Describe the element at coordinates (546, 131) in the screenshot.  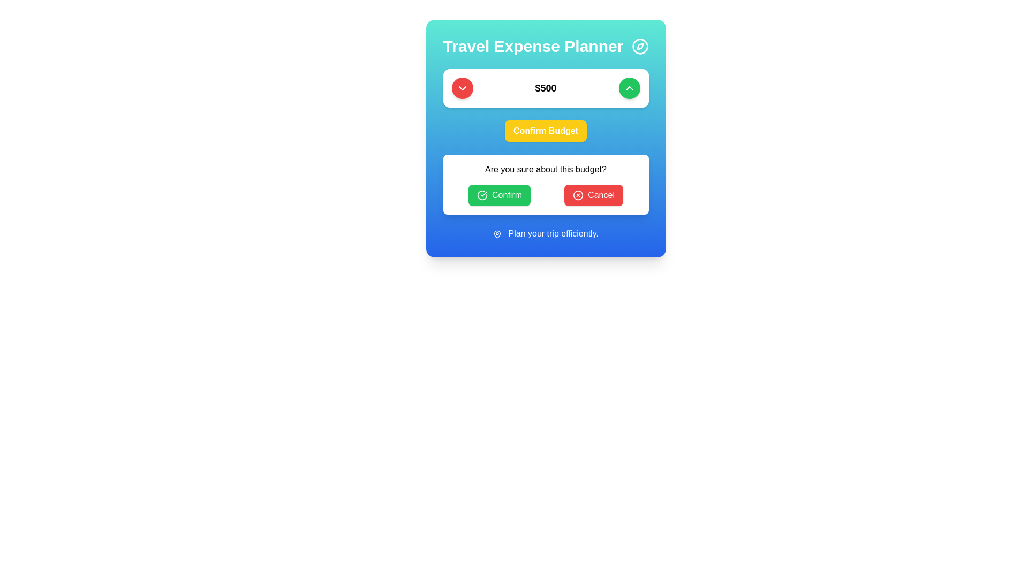
I see `the 'Confirm Budget' button, which is a rectangular button with rounded corners, bright yellow background, and white text, located centrally below the budget amount display` at that location.